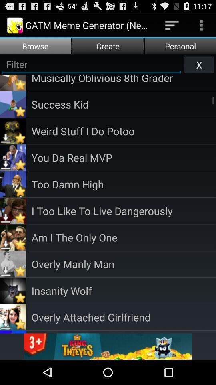 The image size is (216, 385). I want to click on the app below am i the icon, so click(124, 263).